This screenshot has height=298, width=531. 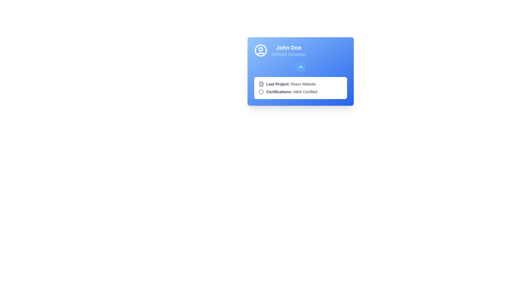 I want to click on the static text label displaying 'Certifications: AWS Certified', located under the 'Last Project' section in a card-style layout, so click(x=291, y=91).